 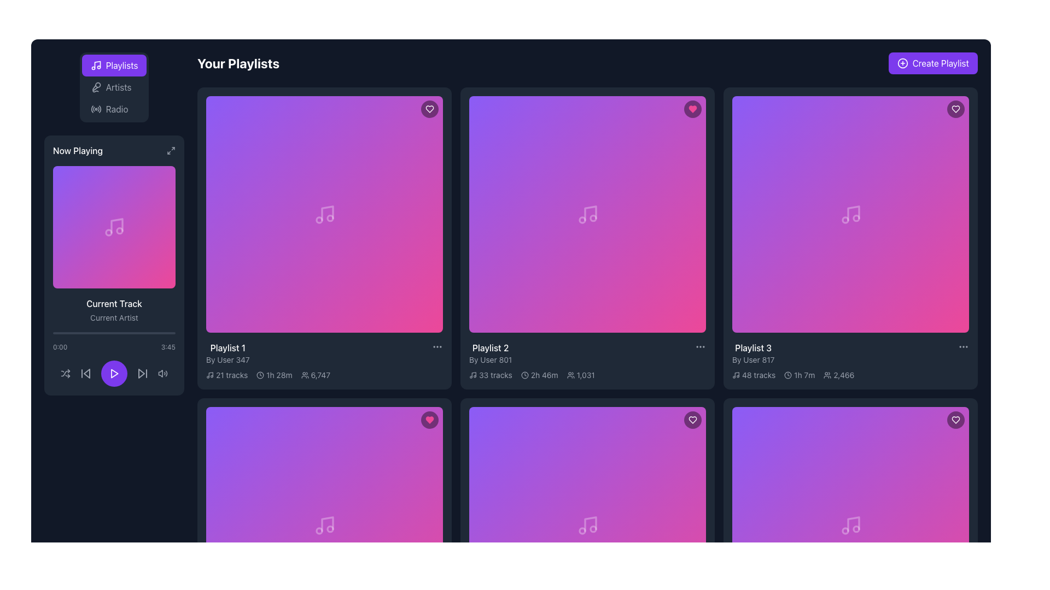 What do you see at coordinates (429, 109) in the screenshot?
I see `the 'like' button located in the top-right corner of the first playlist card to favorite the associated playlist` at bounding box center [429, 109].